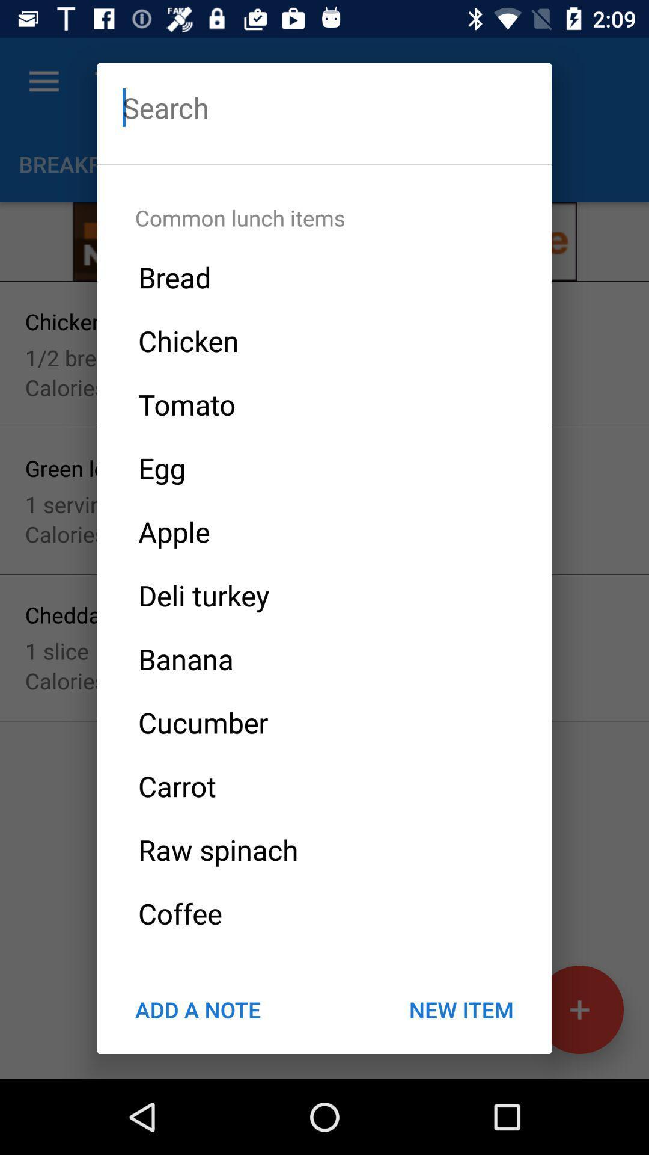 This screenshot has height=1155, width=649. I want to click on icon at the bottom left corner, so click(197, 1009).